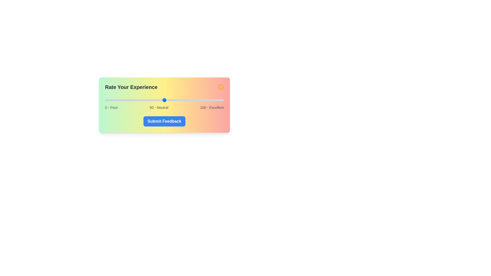 The image size is (491, 276). What do you see at coordinates (175, 100) in the screenshot?
I see `the satisfaction slider to 59 value` at bounding box center [175, 100].